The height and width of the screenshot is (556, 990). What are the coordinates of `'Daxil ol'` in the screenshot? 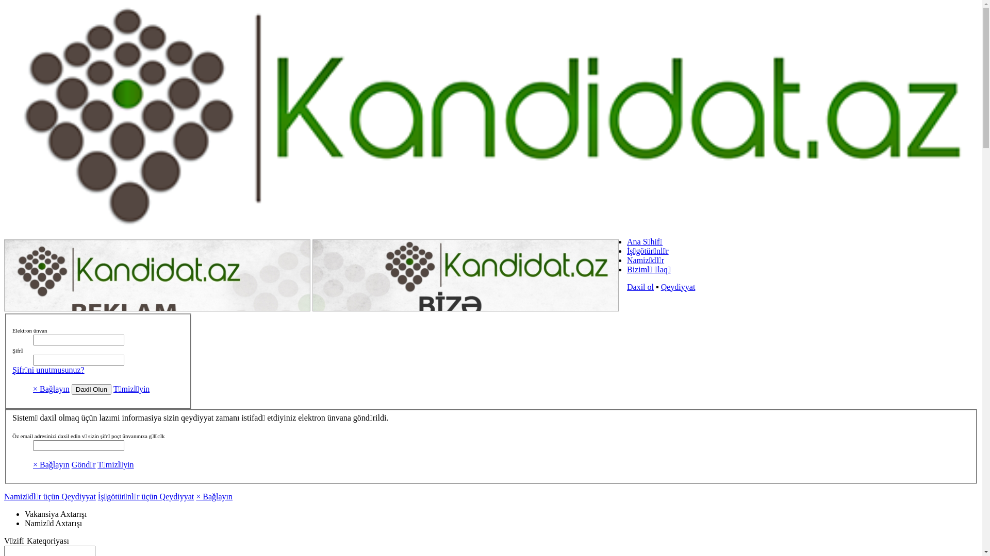 It's located at (640, 287).